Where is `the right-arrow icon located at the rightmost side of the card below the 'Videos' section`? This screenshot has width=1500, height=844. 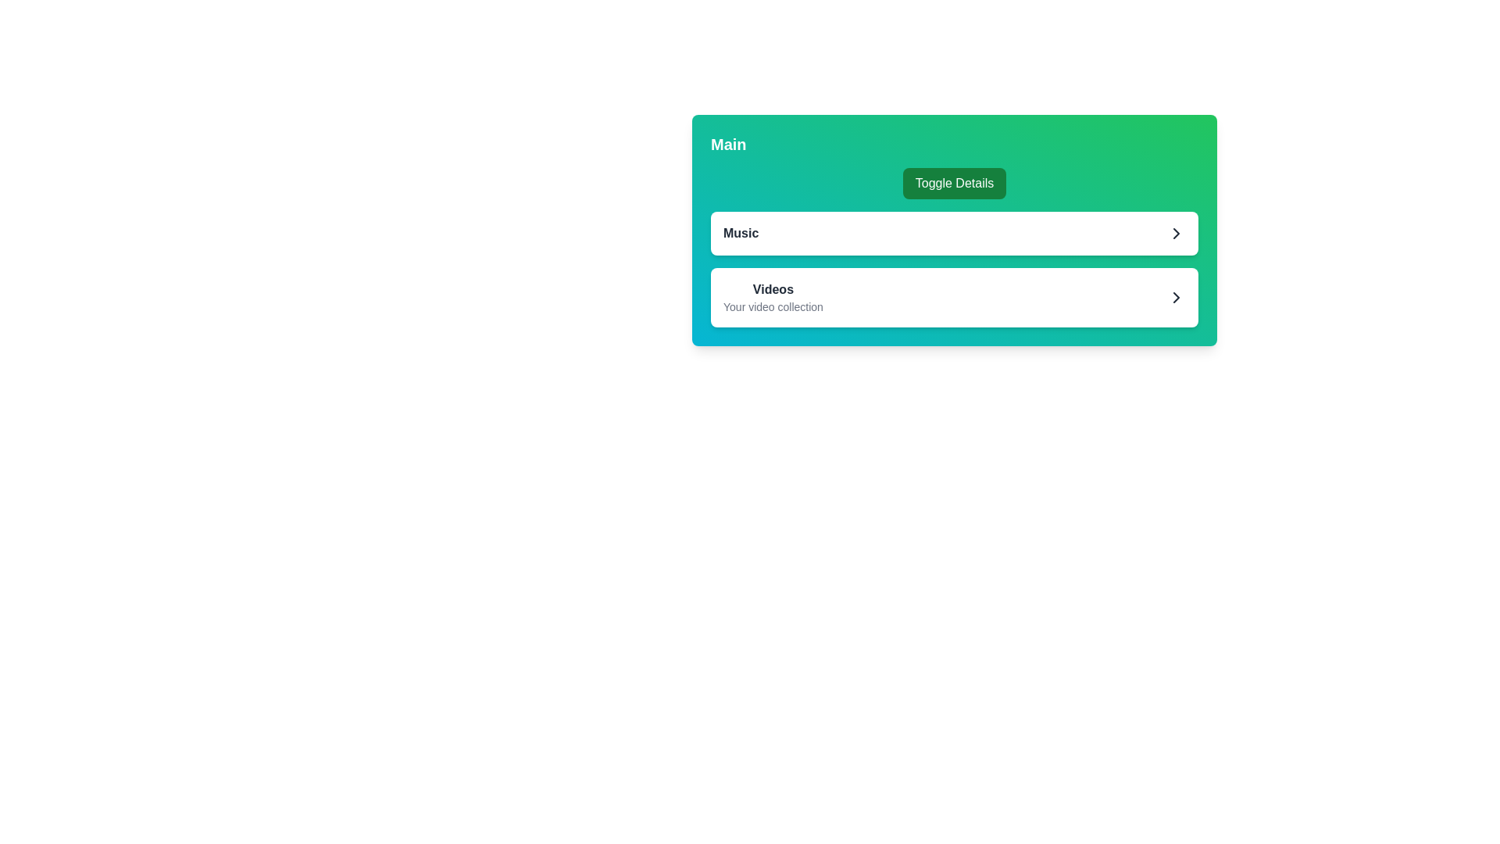
the right-arrow icon located at the rightmost side of the card below the 'Videos' section is located at coordinates (1177, 298).